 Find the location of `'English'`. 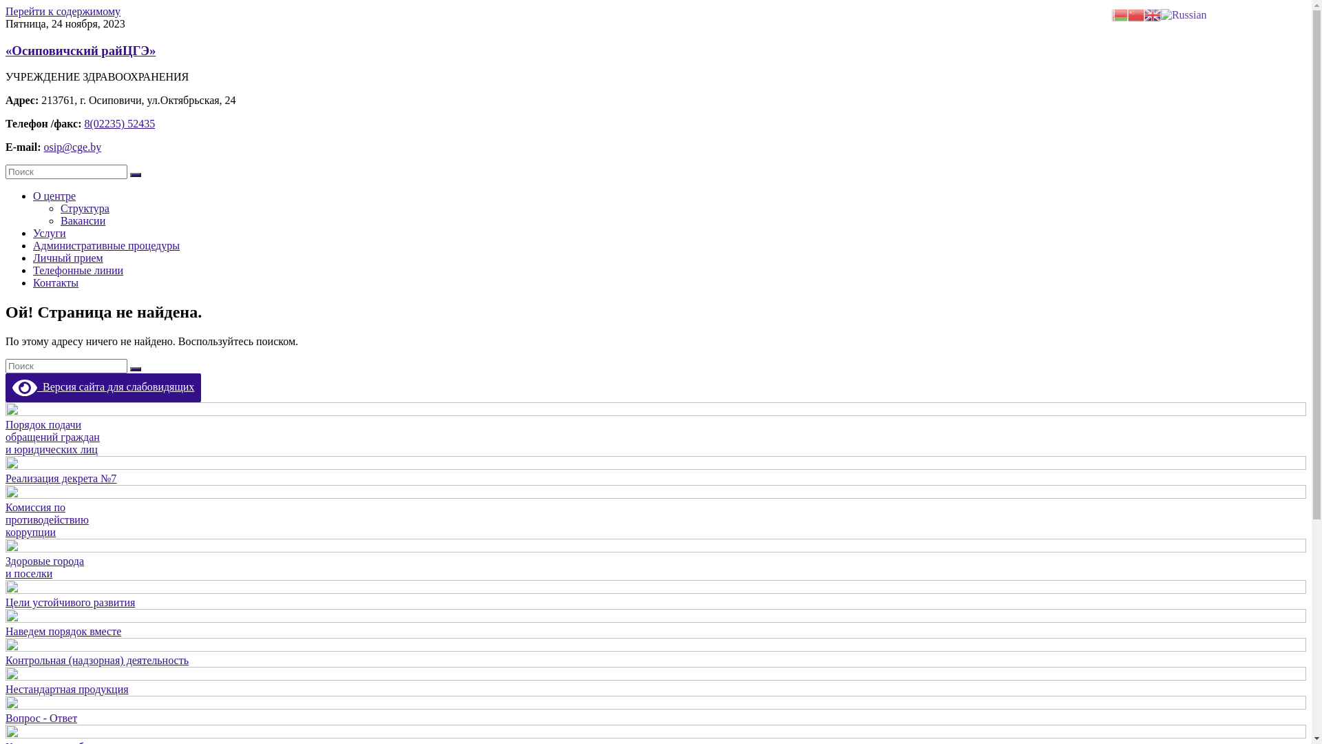

'English' is located at coordinates (1153, 14).